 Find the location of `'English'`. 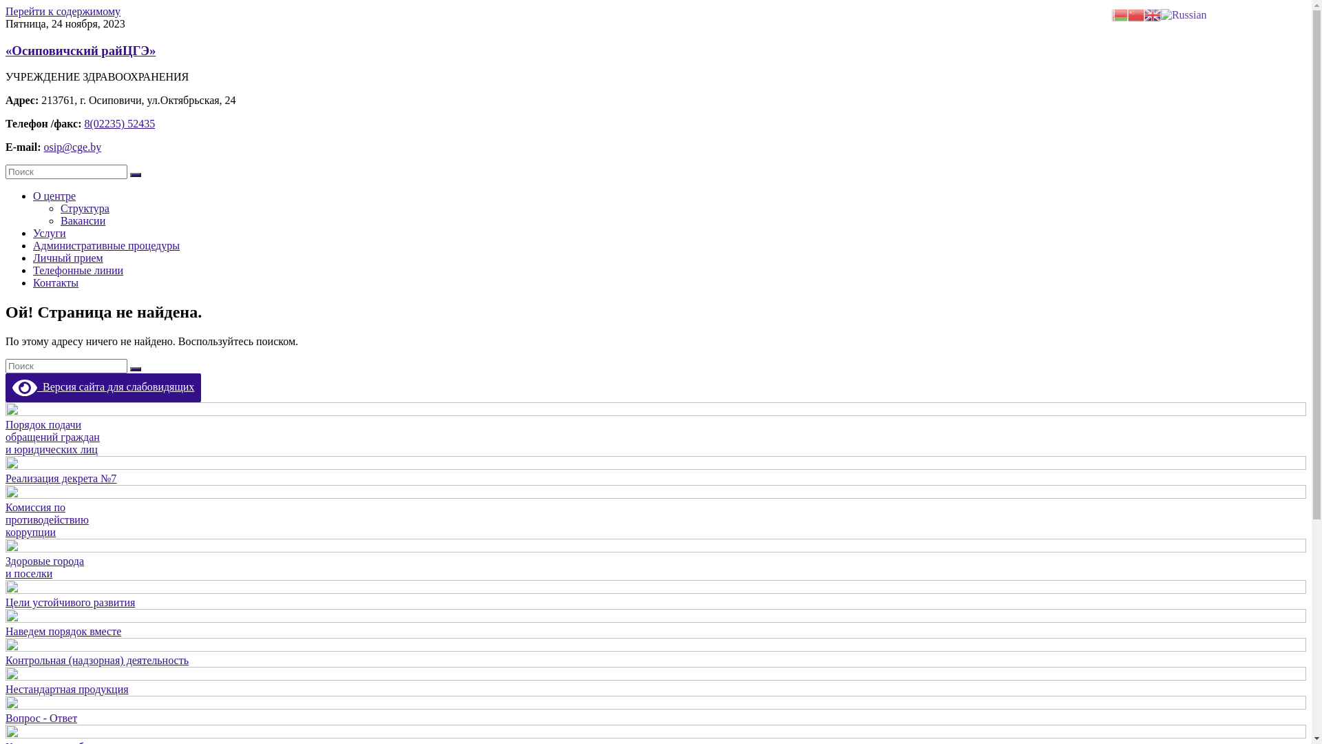

'English' is located at coordinates (1153, 14).